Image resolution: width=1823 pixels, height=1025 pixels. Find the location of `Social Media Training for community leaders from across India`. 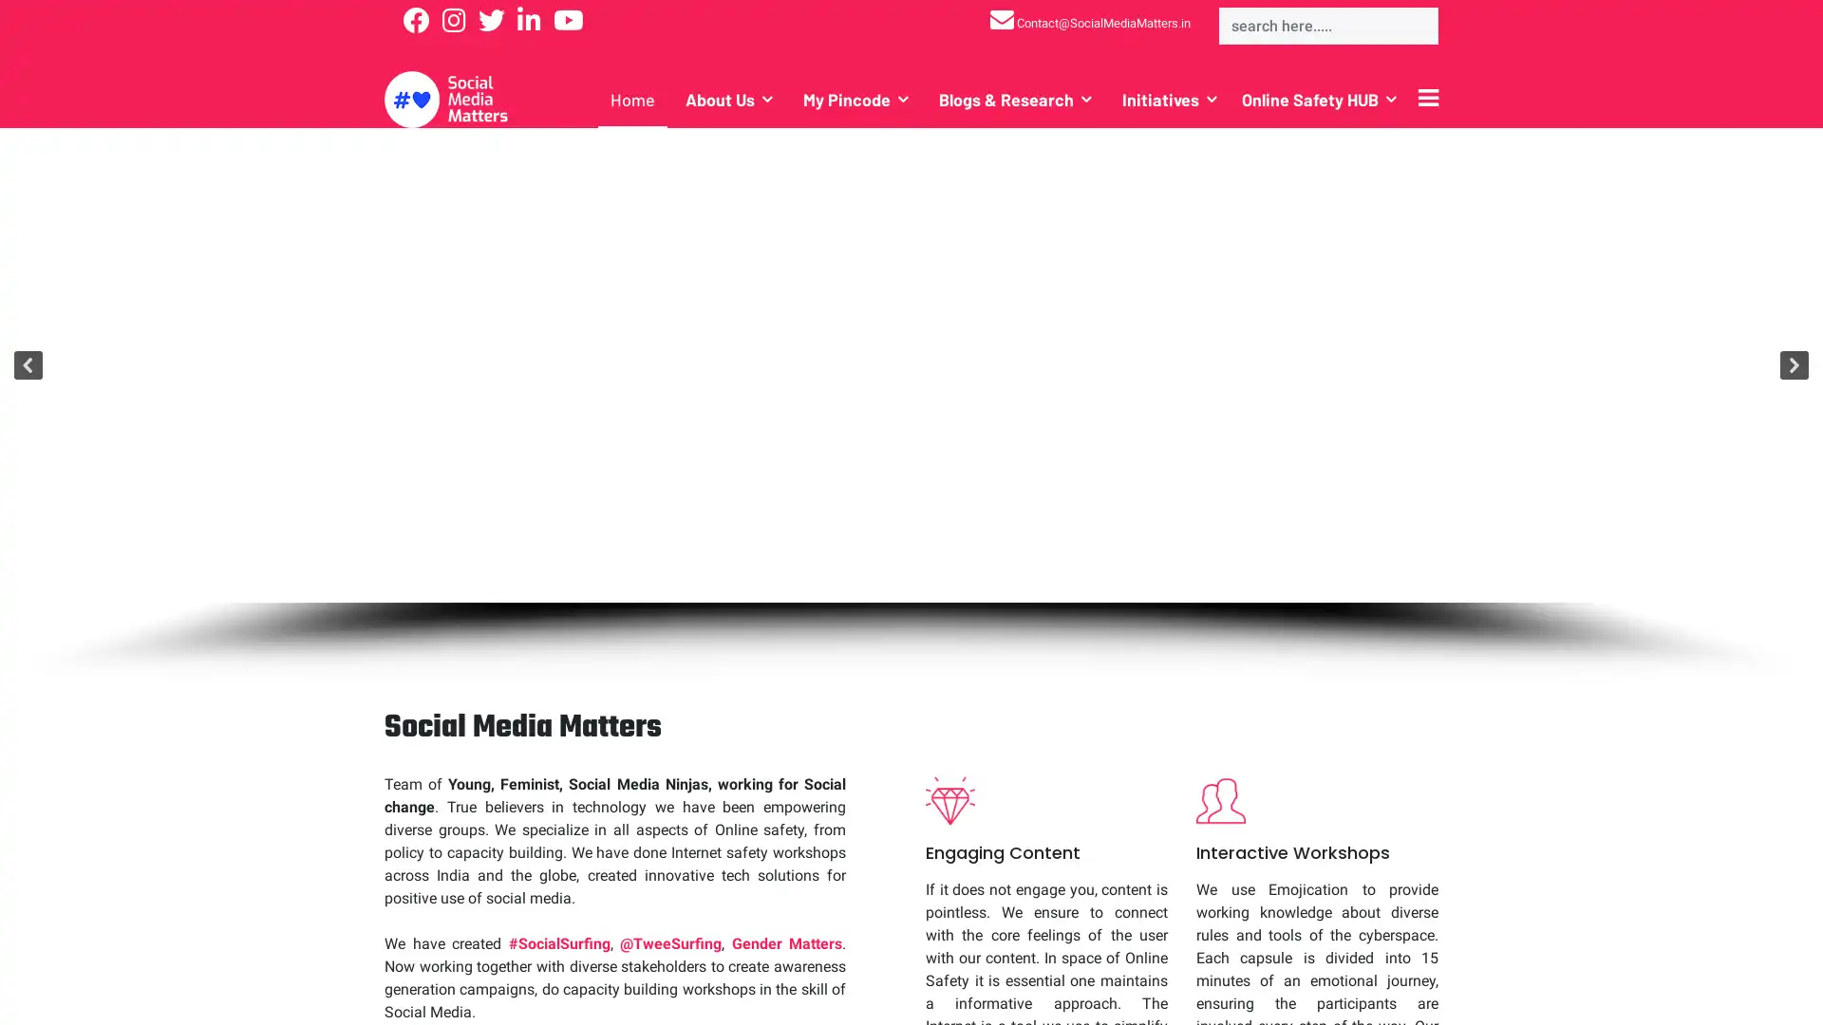

Social Media Training for community leaders from across India is located at coordinates (1005, 584).